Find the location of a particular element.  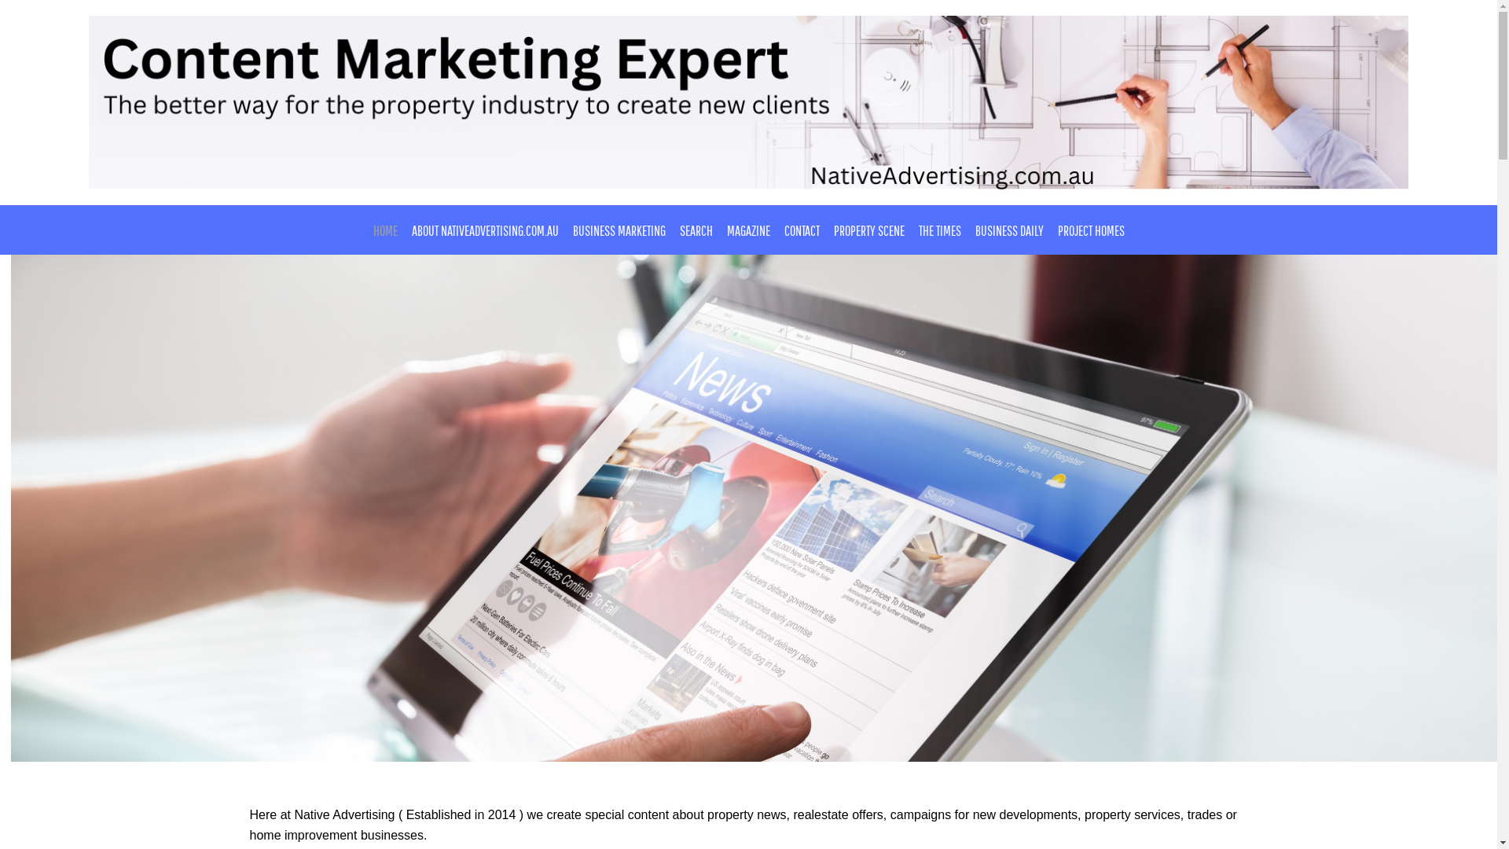

'PROPERTY SCENE' is located at coordinates (868, 230).